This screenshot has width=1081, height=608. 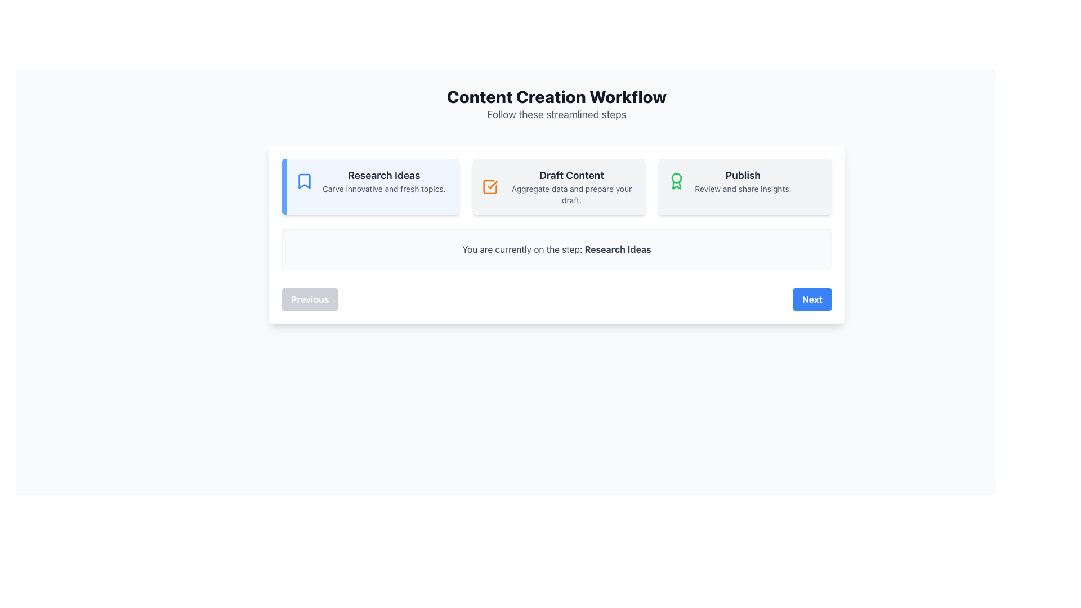 What do you see at coordinates (556, 249) in the screenshot?
I see `the informational display indicating the current step 'Research Ideas', which is positioned below the step indicators and above the navigation buttons` at bounding box center [556, 249].